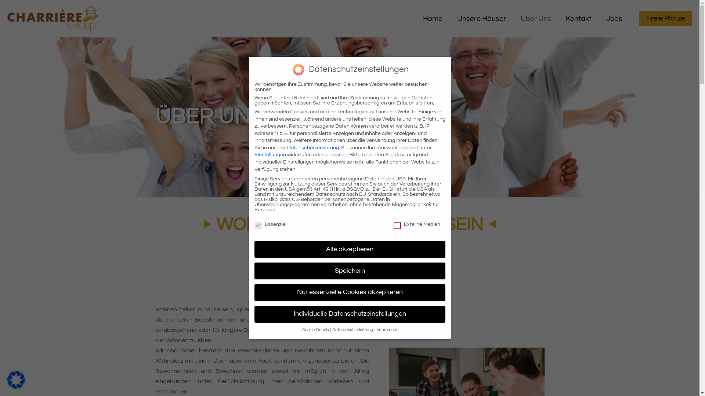  What do you see at coordinates (349, 292) in the screenshot?
I see `'Nur essenzielle Cookies akzeptieren'` at bounding box center [349, 292].